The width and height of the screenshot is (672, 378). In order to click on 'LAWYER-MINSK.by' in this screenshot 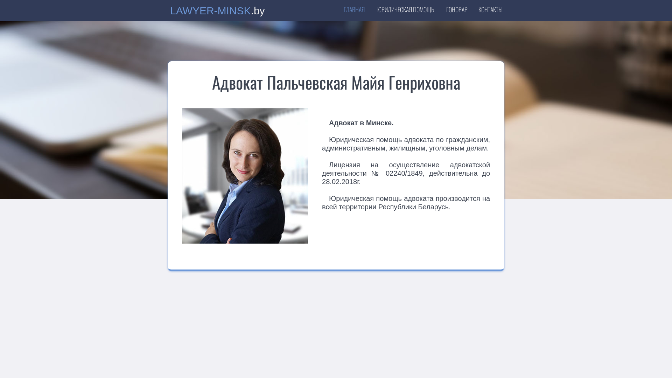, I will do `click(170, 12)`.